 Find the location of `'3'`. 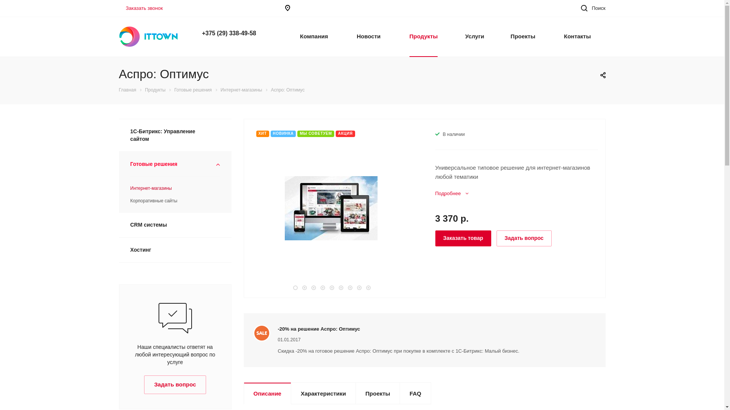

'3' is located at coordinates (313, 288).